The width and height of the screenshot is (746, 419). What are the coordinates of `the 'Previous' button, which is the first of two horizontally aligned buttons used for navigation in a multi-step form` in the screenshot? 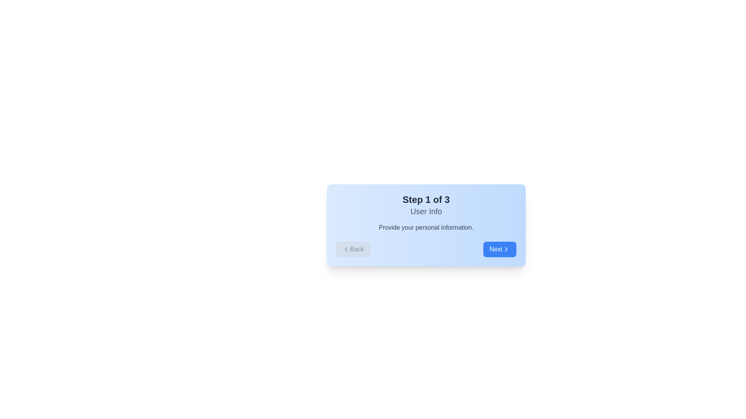 It's located at (352, 249).